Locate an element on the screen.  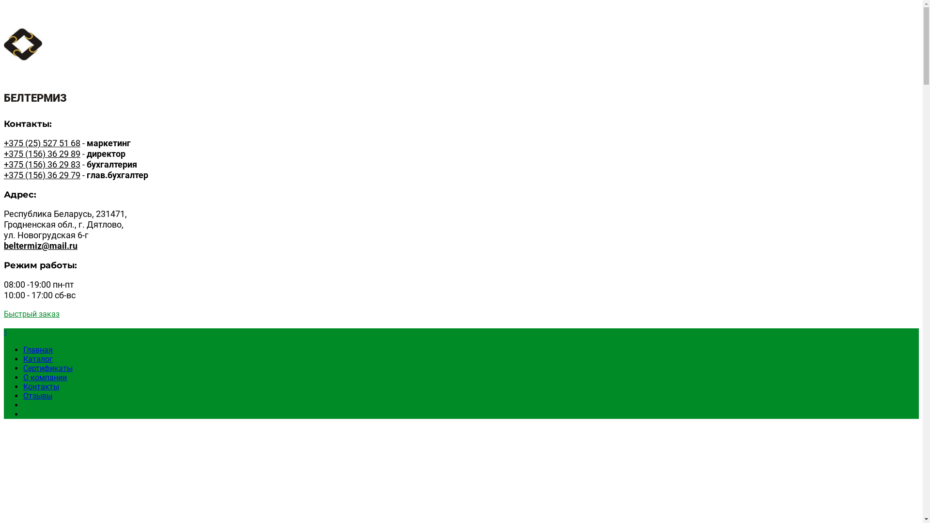
'+375 (156) 36 29 89' is located at coordinates (41, 153).